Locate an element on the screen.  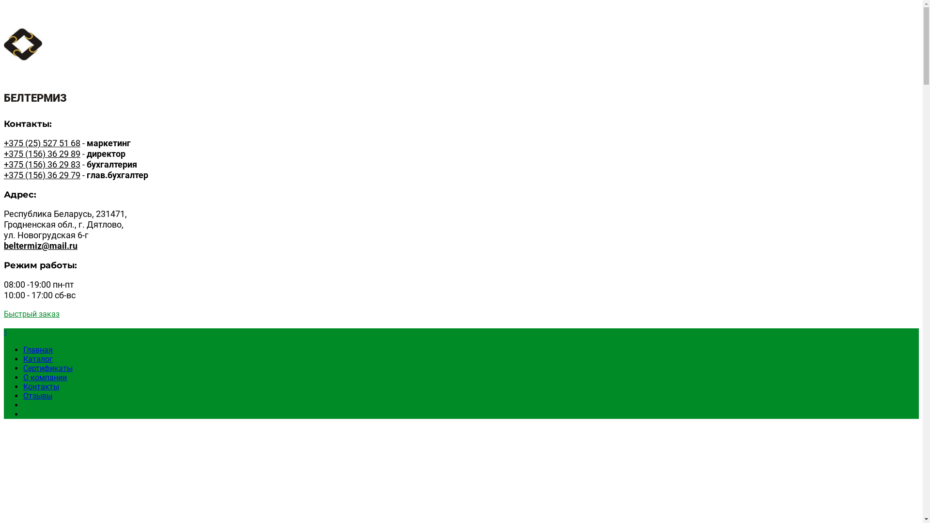
'+375 (156) 36 29 89' is located at coordinates (41, 153).